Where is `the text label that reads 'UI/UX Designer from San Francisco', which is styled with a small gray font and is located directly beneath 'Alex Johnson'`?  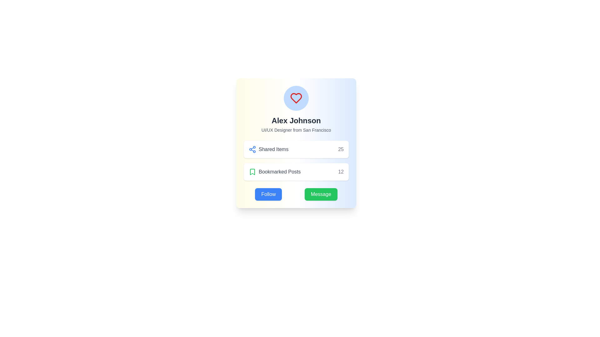 the text label that reads 'UI/UX Designer from San Francisco', which is styled with a small gray font and is located directly beneath 'Alex Johnson' is located at coordinates (296, 129).